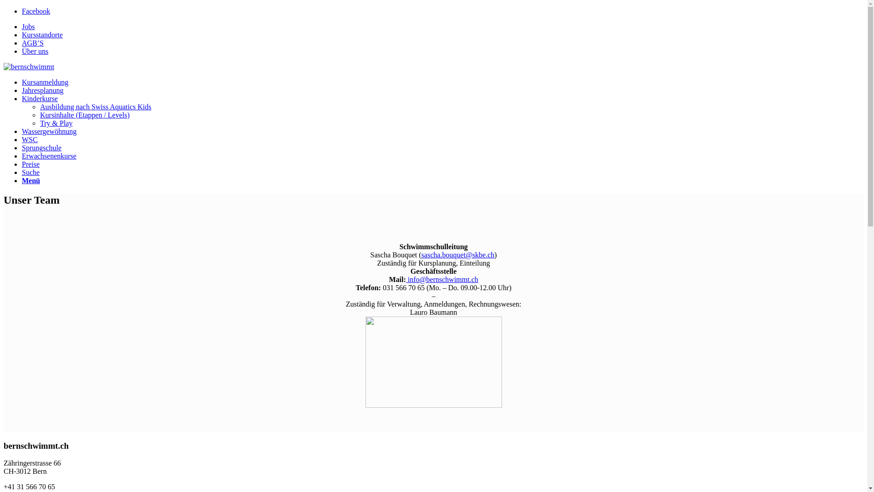 The image size is (874, 492). Describe the element at coordinates (30, 164) in the screenshot. I see `'Preise'` at that location.